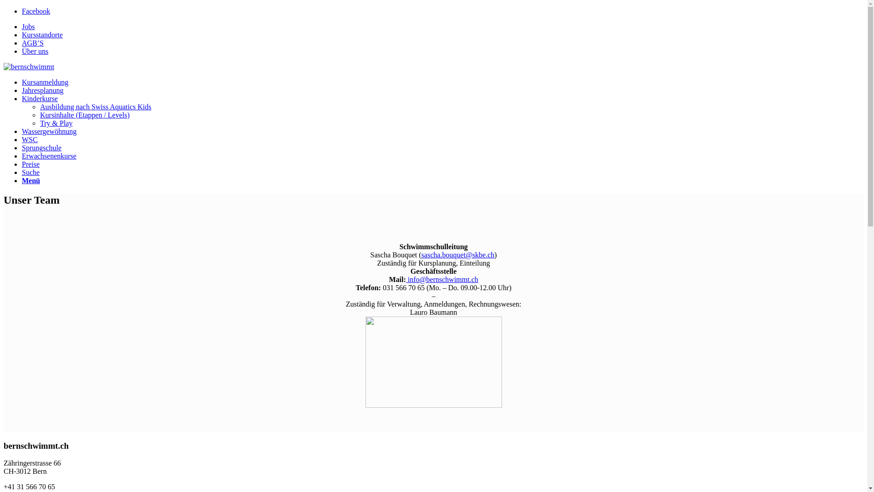 The image size is (874, 492). Describe the element at coordinates (30, 164) in the screenshot. I see `'Preise'` at that location.